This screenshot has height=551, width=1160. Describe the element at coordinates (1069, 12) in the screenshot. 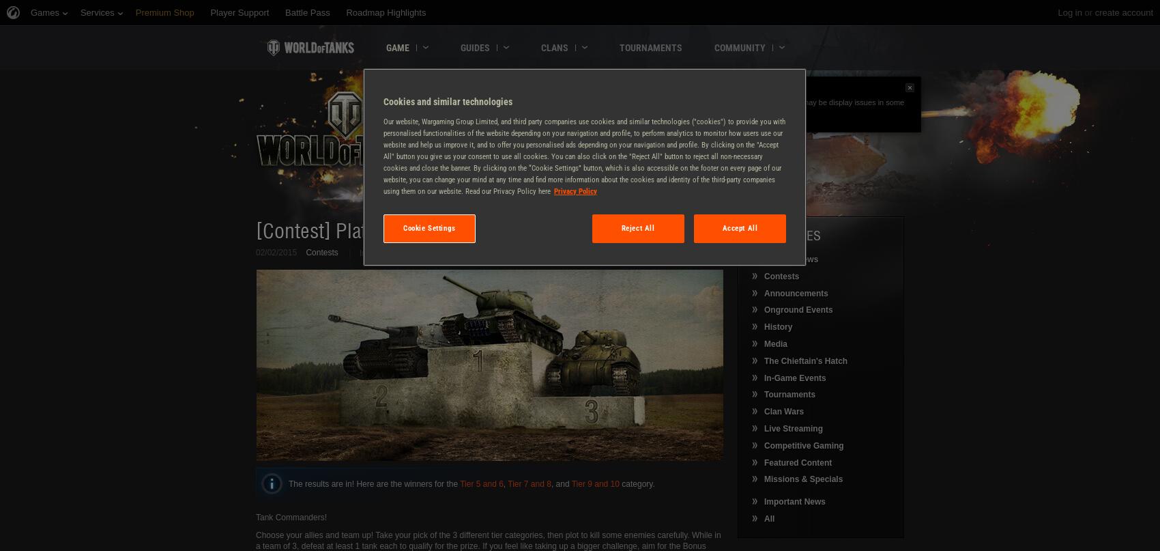

I see `'Log in'` at that location.